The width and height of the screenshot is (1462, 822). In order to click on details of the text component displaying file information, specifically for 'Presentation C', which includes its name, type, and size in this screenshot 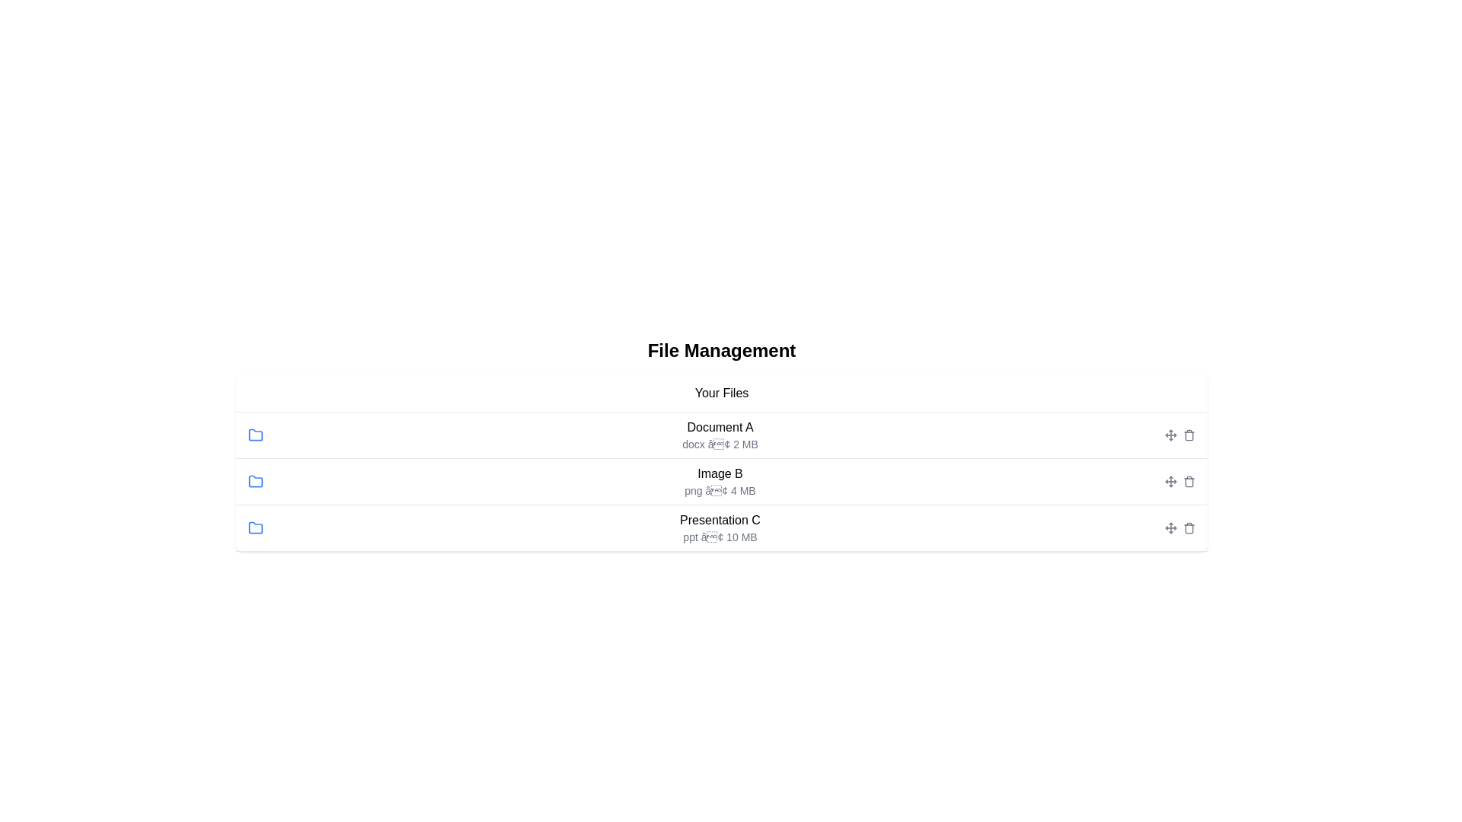, I will do `click(719, 527)`.